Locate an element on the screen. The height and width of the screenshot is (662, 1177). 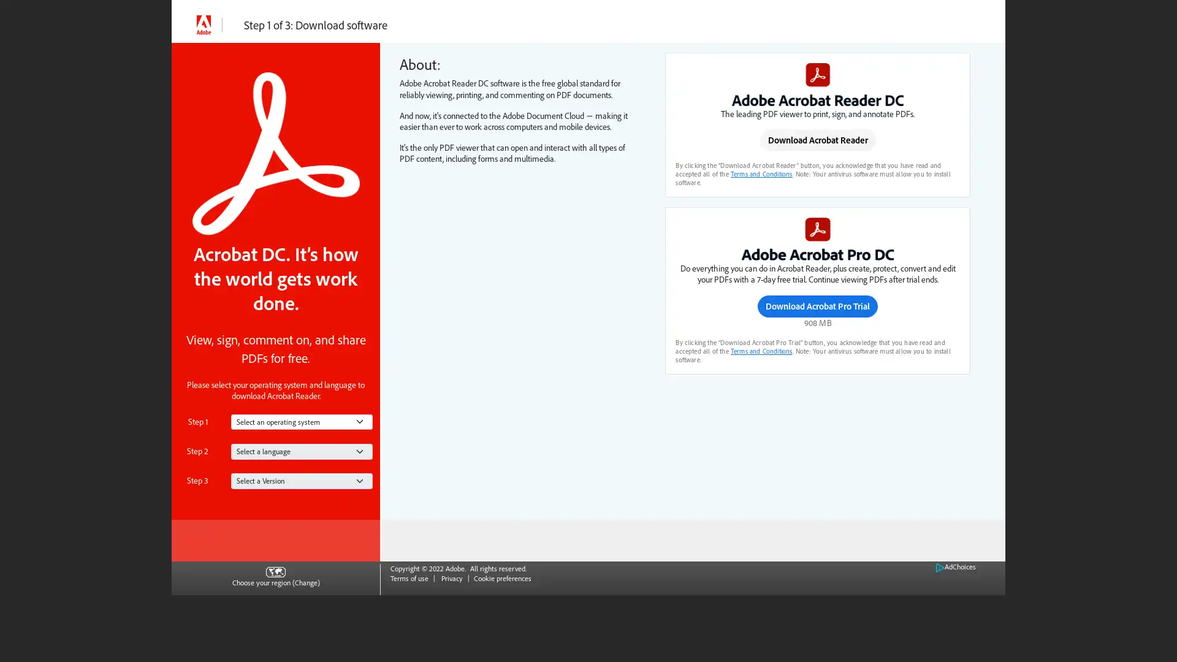
Download Acrobat Reader is located at coordinates (817, 139).